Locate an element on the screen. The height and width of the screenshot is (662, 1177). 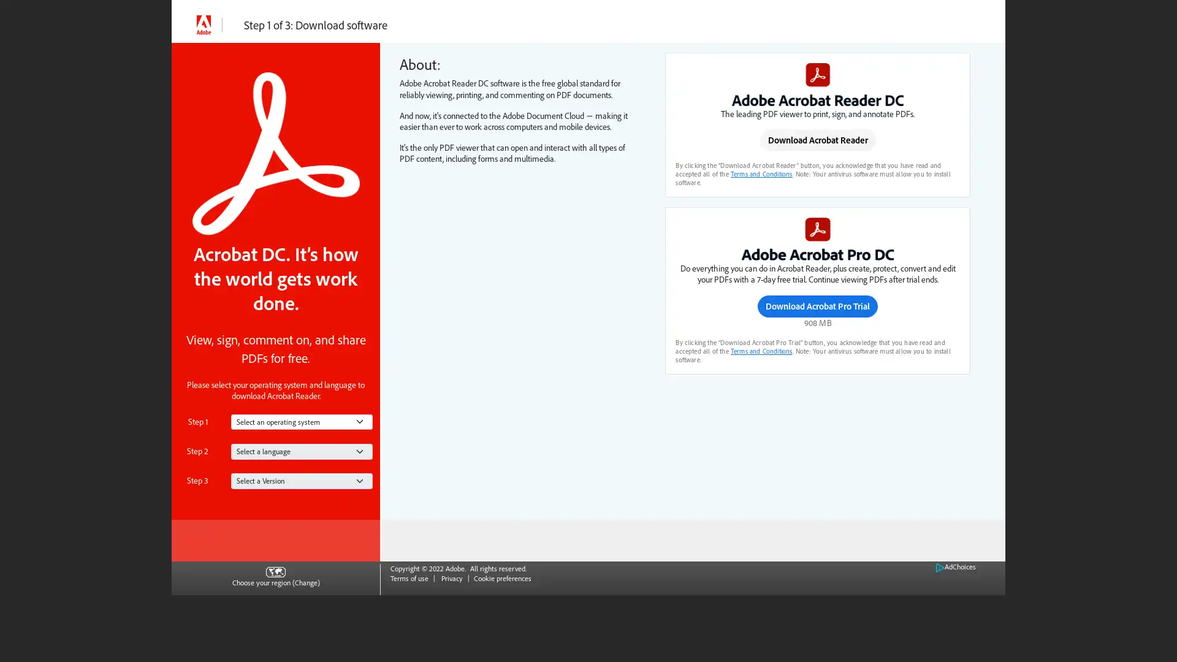
Download Acrobat Reader is located at coordinates (817, 139).